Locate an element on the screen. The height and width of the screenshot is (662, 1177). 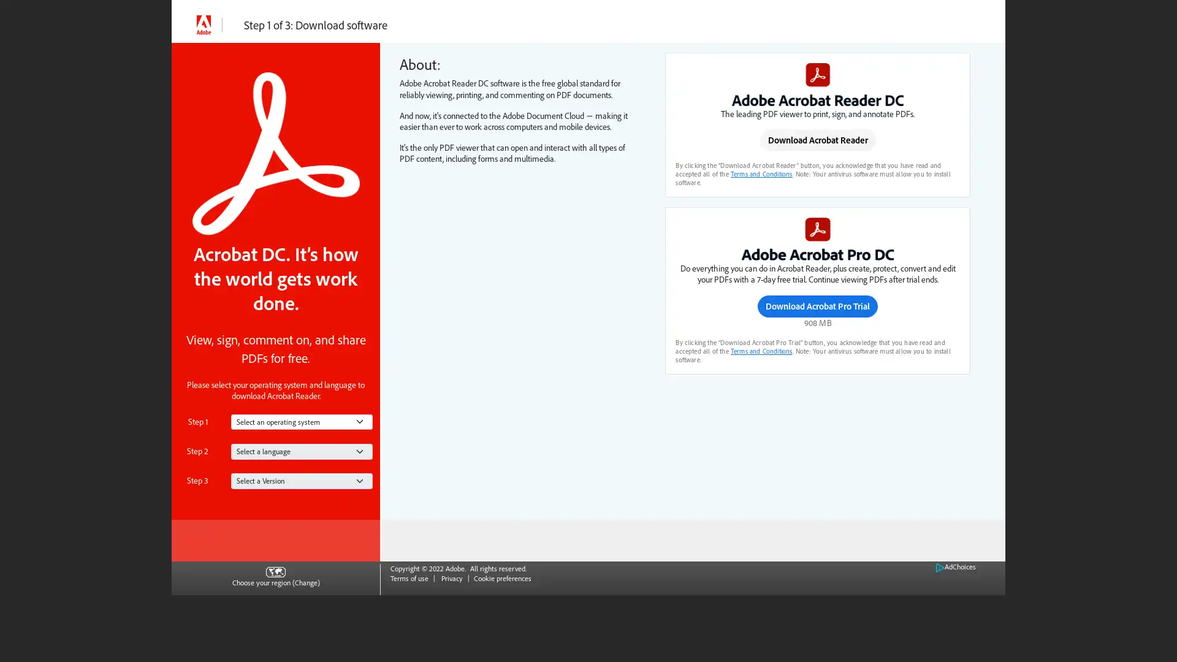
Download Acrobat Reader is located at coordinates (817, 139).